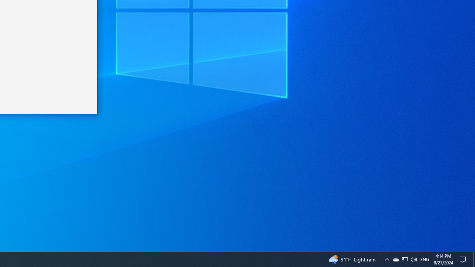 The width and height of the screenshot is (475, 267). What do you see at coordinates (464, 259) in the screenshot?
I see `'Action Center, No new notifications'` at bounding box center [464, 259].